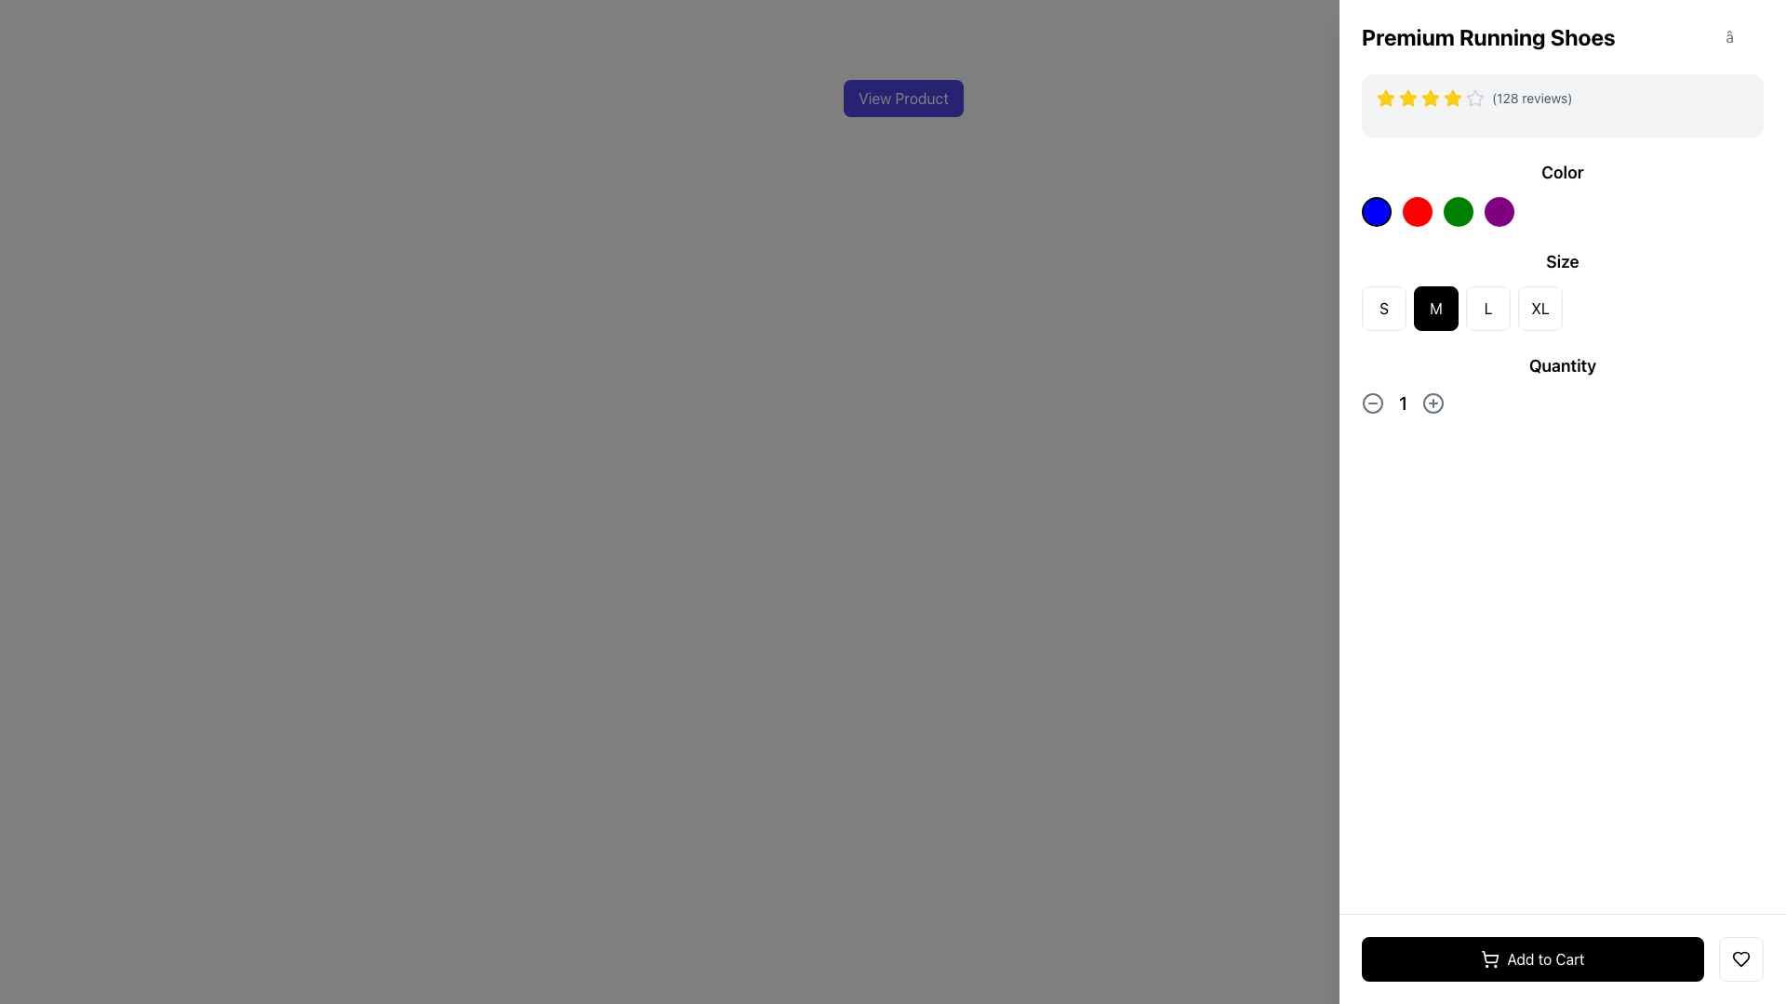 The image size is (1786, 1004). What do you see at coordinates (1435, 307) in the screenshot?
I see `the selected size button labeled 'M'` at bounding box center [1435, 307].